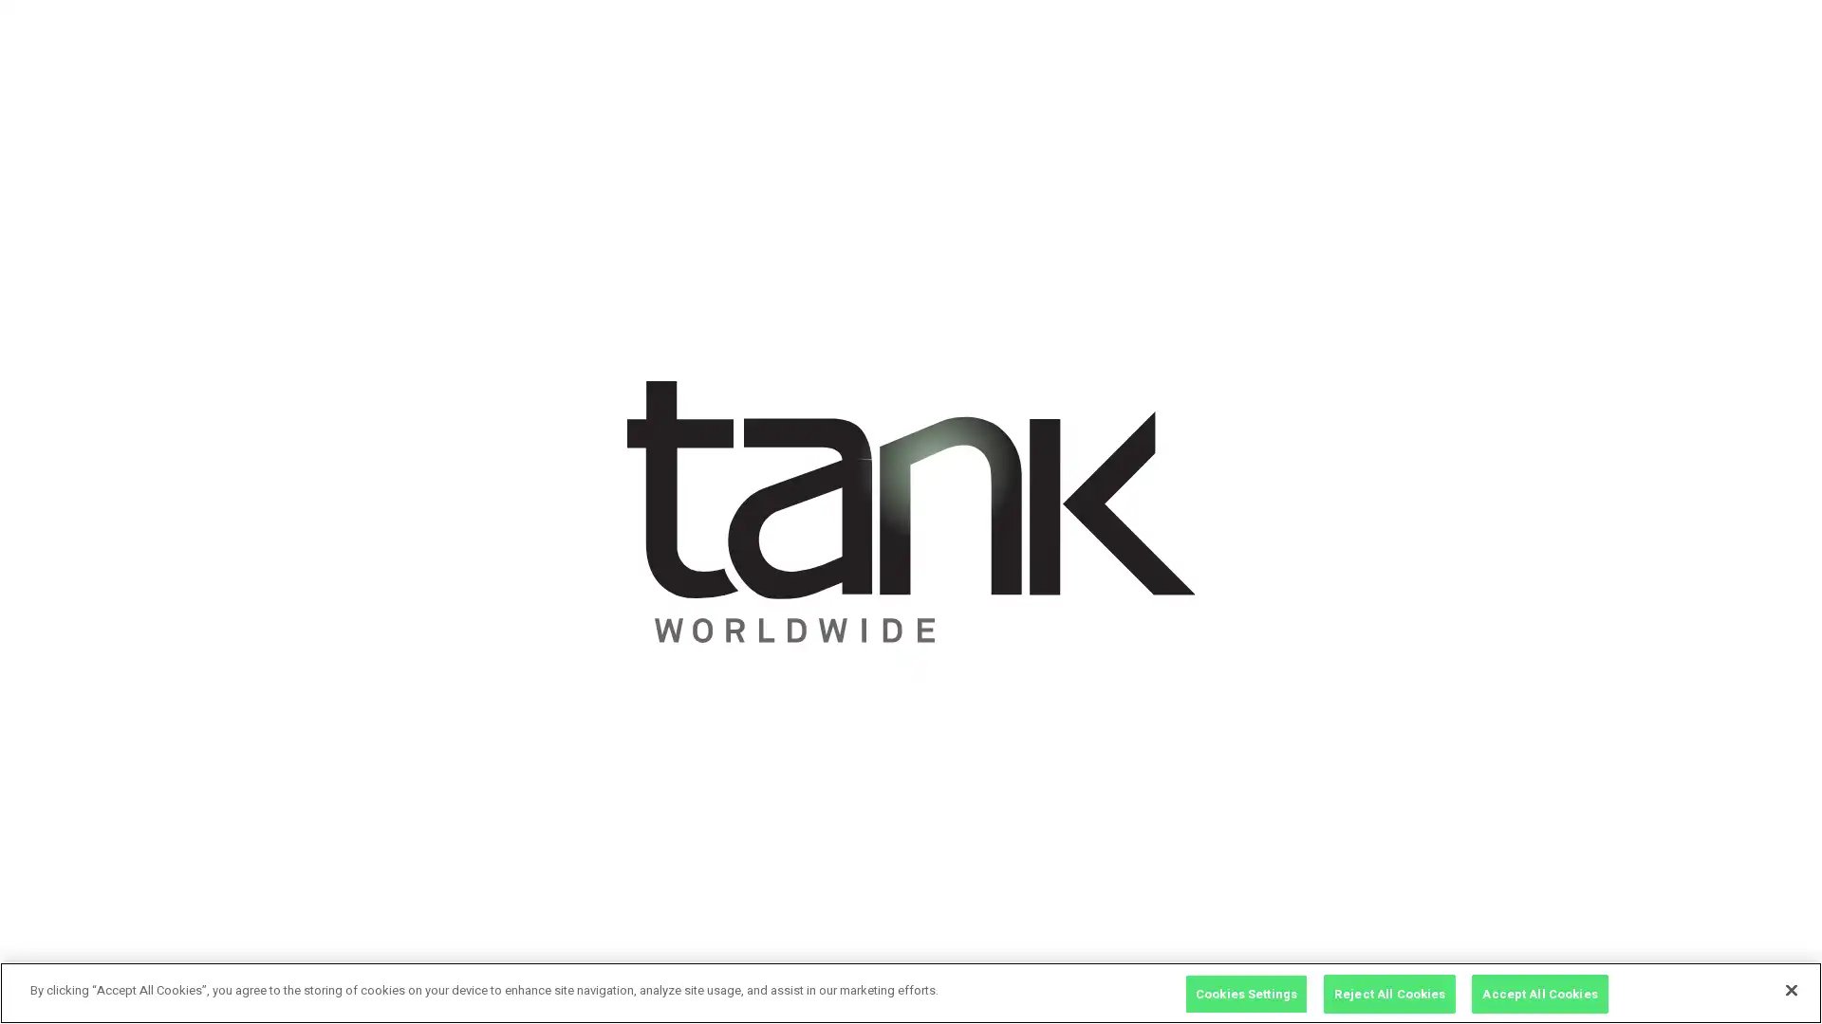  I want to click on Cookies Settings, so click(1246, 994).